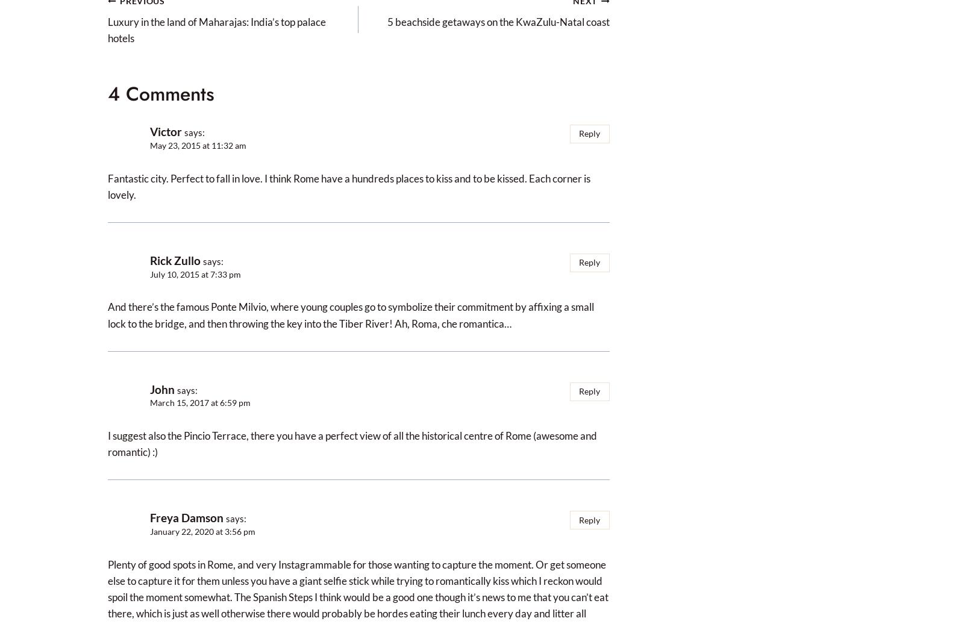 The height and width of the screenshot is (624, 964). Describe the element at coordinates (386, 21) in the screenshot. I see `'5 beachside getaways on the KwaZulu-Natal coast'` at that location.